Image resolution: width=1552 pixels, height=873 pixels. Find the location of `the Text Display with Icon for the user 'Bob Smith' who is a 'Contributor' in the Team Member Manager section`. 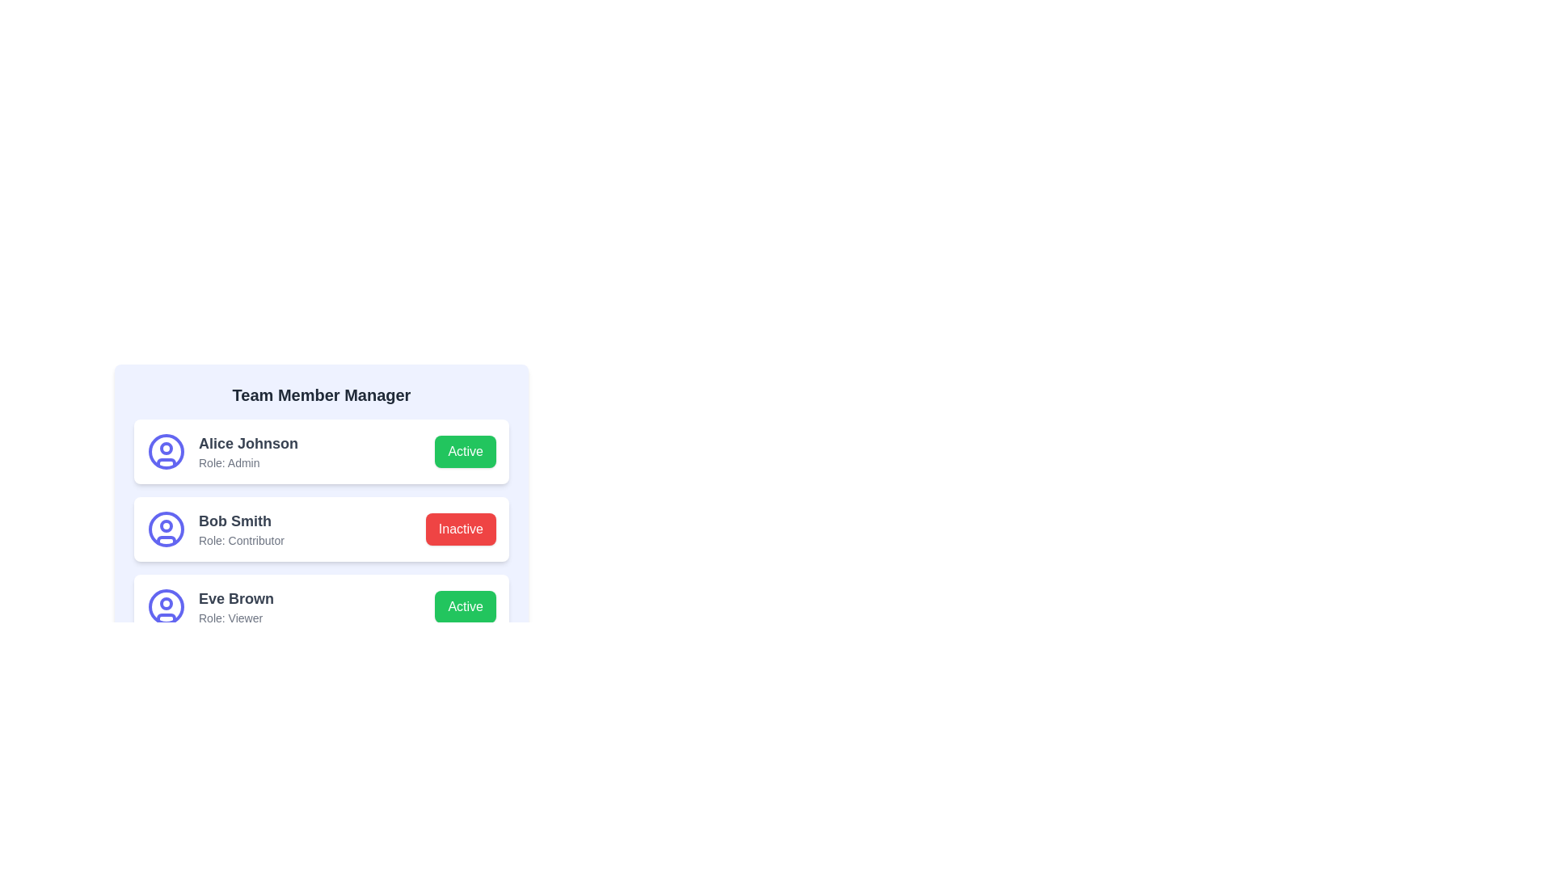

the Text Display with Icon for the user 'Bob Smith' who is a 'Contributor' in the Team Member Manager section is located at coordinates (214, 529).